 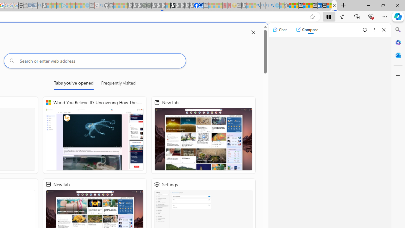 I want to click on 'New split screen', so click(x=334, y=5).